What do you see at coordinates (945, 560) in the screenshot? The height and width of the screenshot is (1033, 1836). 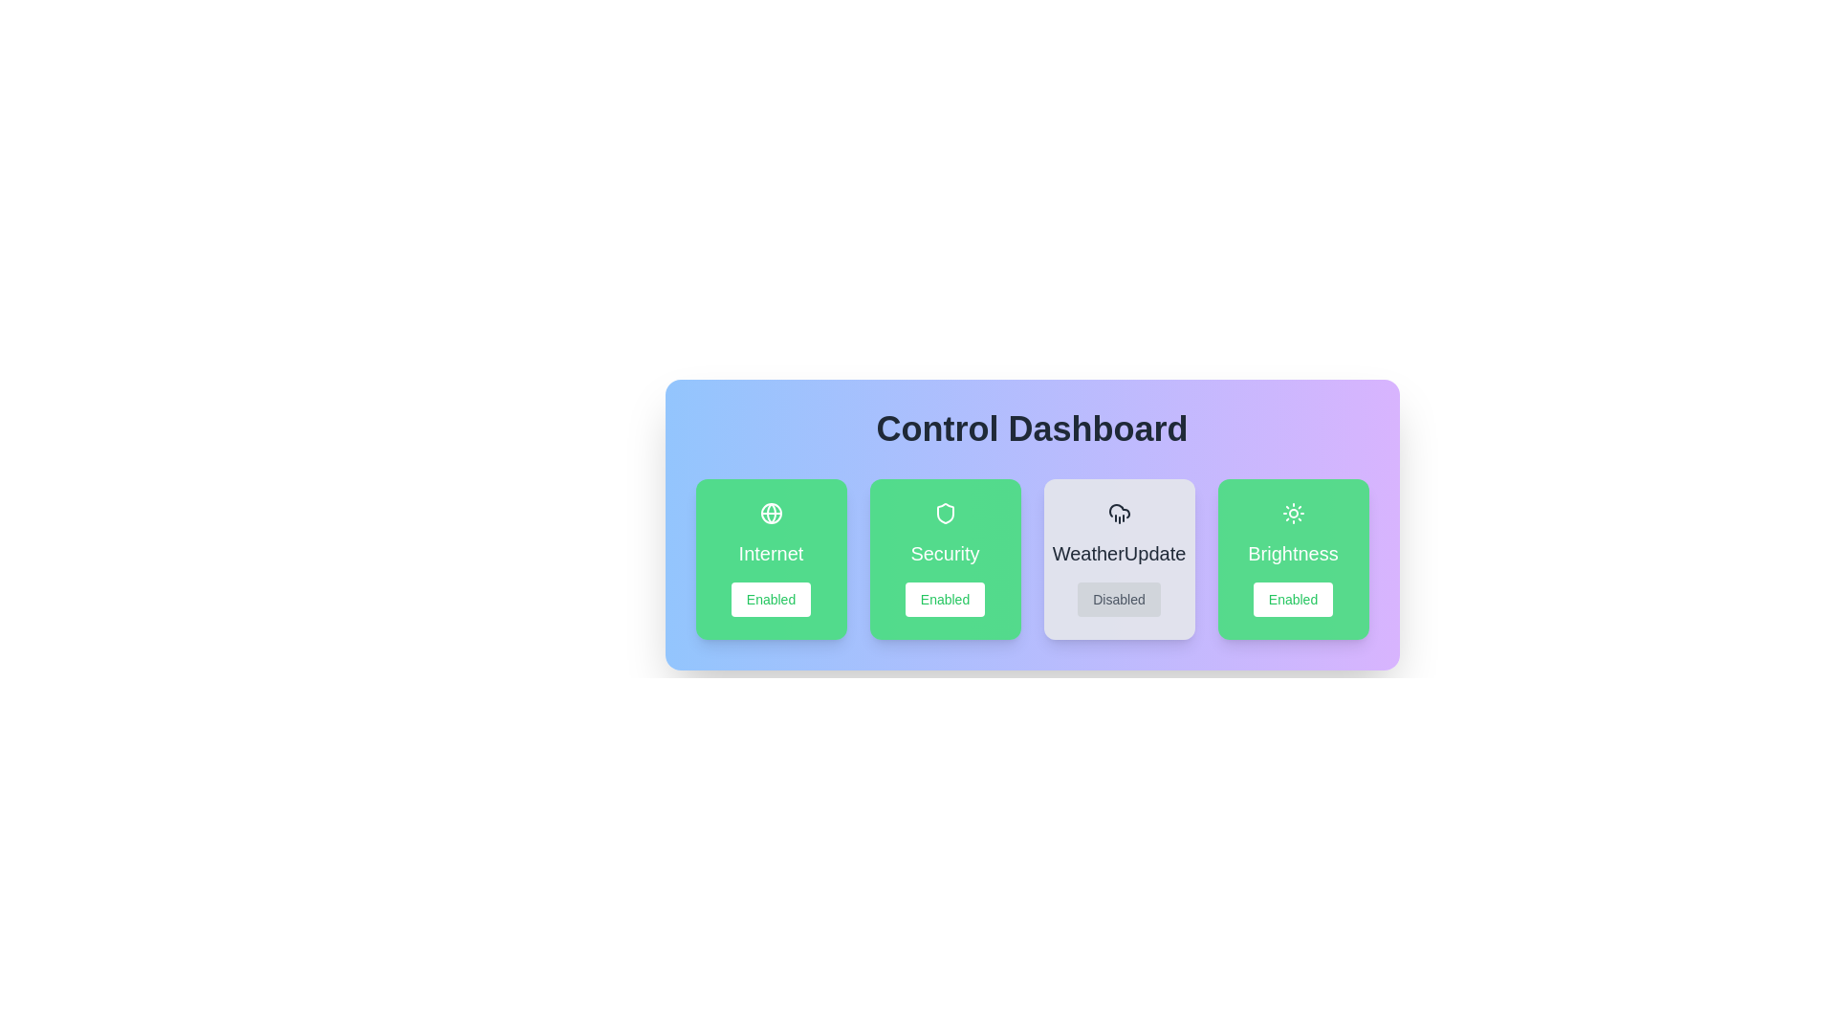 I see `the card representing Security` at bounding box center [945, 560].